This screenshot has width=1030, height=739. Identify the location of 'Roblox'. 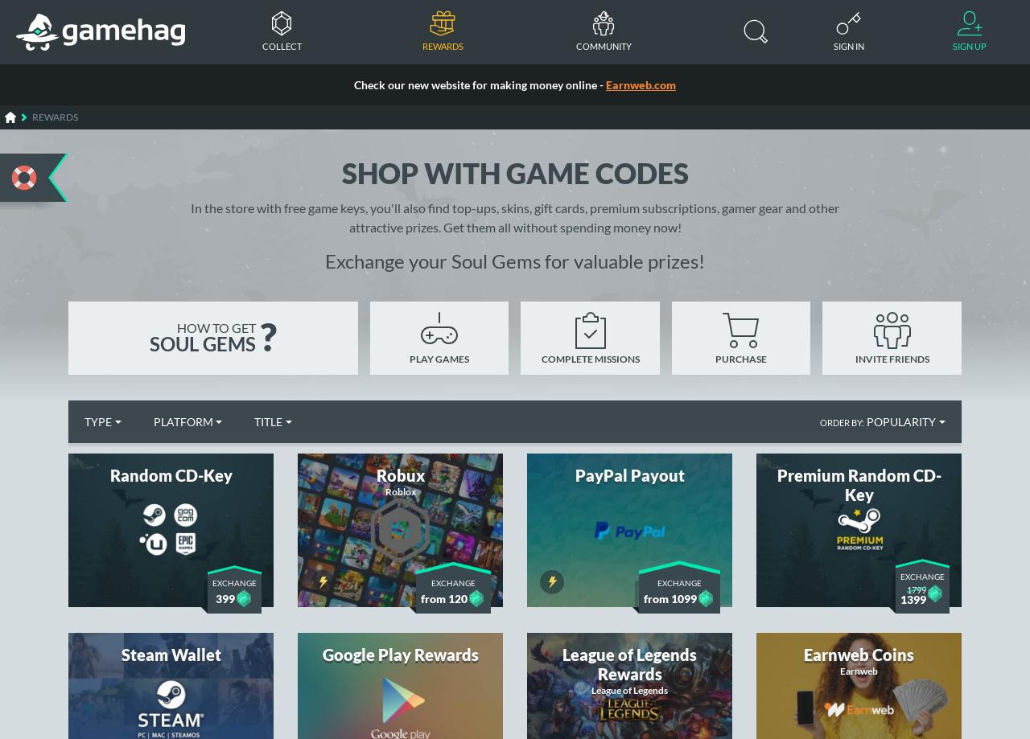
(400, 491).